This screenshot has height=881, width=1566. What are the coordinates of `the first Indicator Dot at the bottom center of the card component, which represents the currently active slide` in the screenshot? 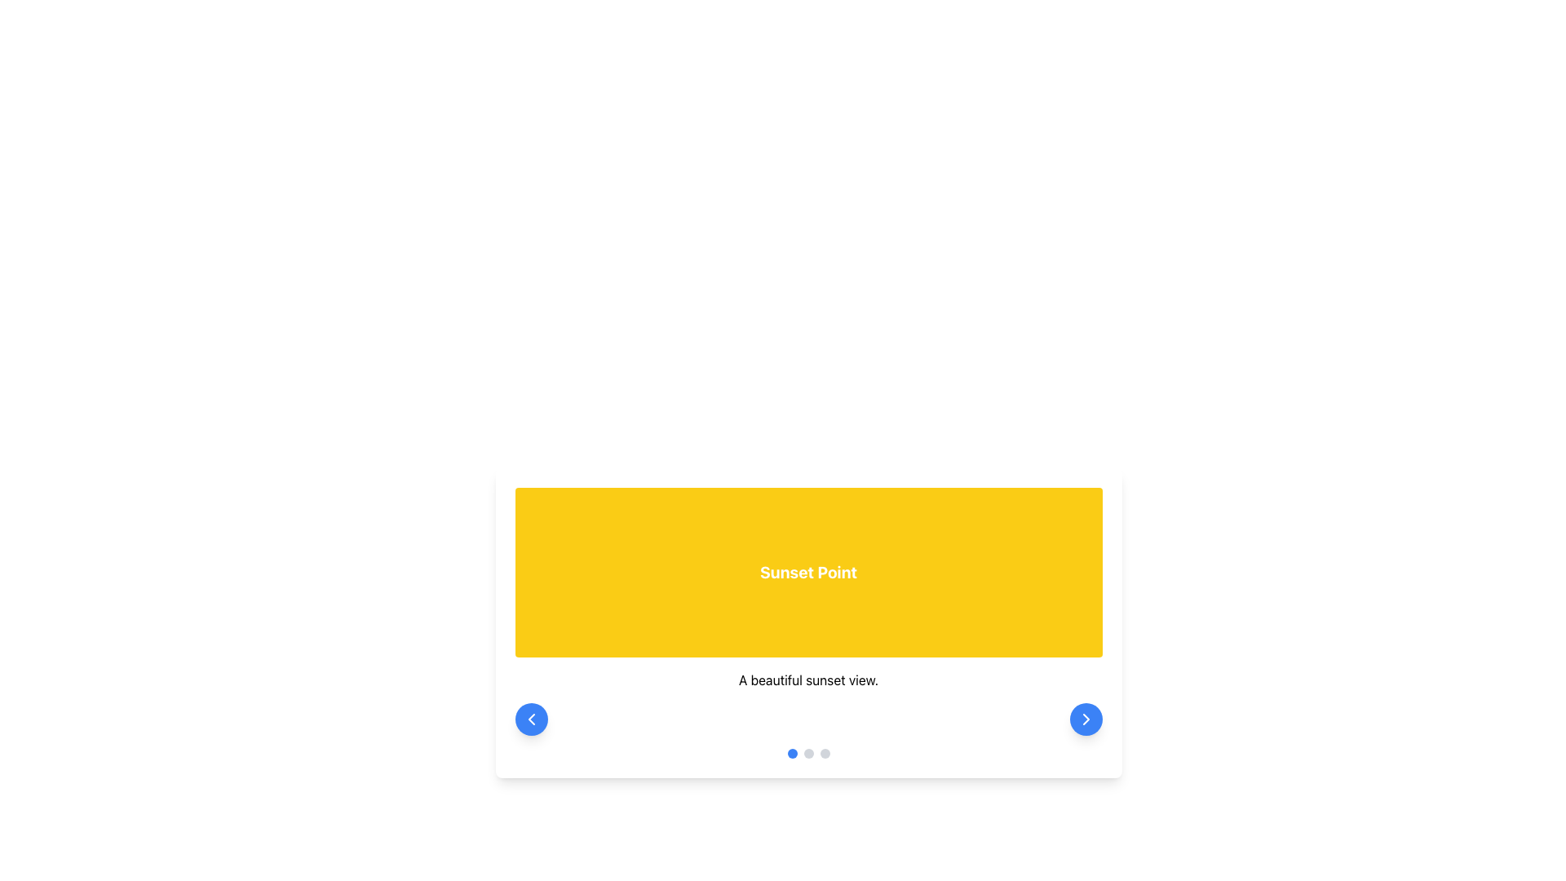 It's located at (792, 754).